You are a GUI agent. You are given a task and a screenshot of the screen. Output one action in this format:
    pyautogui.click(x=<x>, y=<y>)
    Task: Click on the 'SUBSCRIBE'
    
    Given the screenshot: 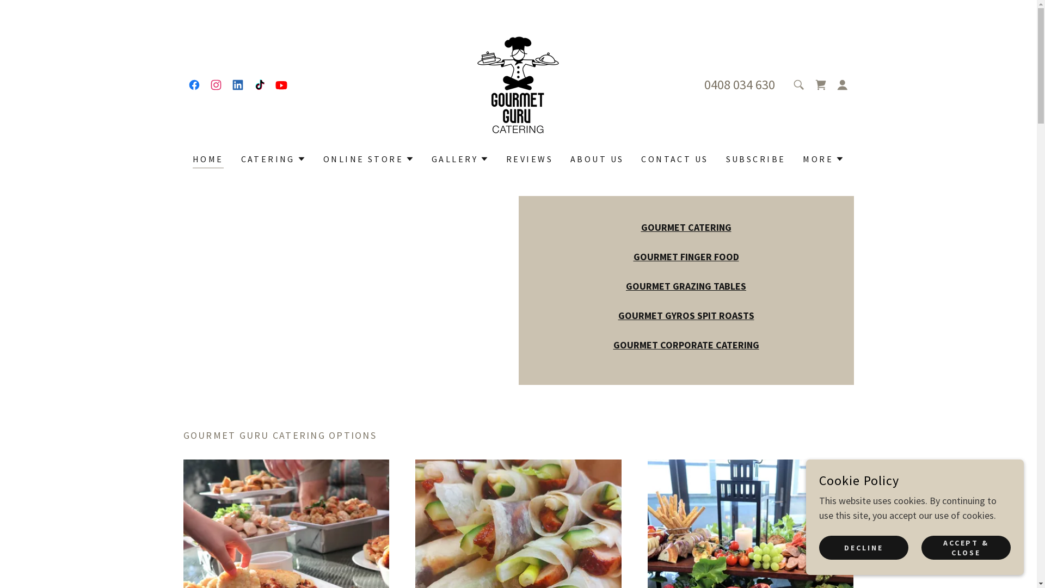 What is the action you would take?
    pyautogui.click(x=755, y=159)
    